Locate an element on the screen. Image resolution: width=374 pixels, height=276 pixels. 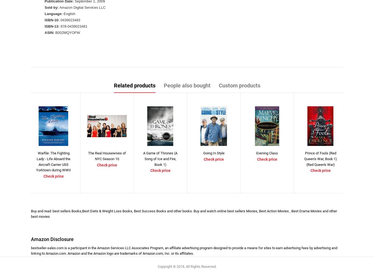
'Going In Style' is located at coordinates (213, 153).